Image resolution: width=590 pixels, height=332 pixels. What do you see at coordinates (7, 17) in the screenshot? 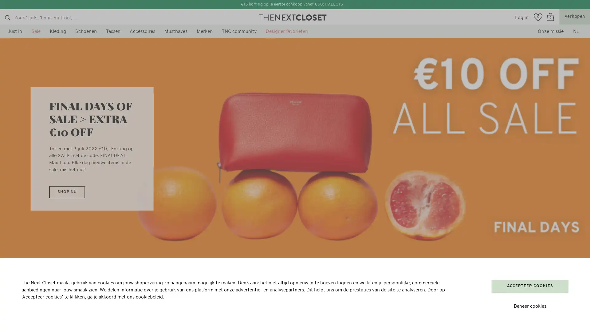
I see `Search` at bounding box center [7, 17].